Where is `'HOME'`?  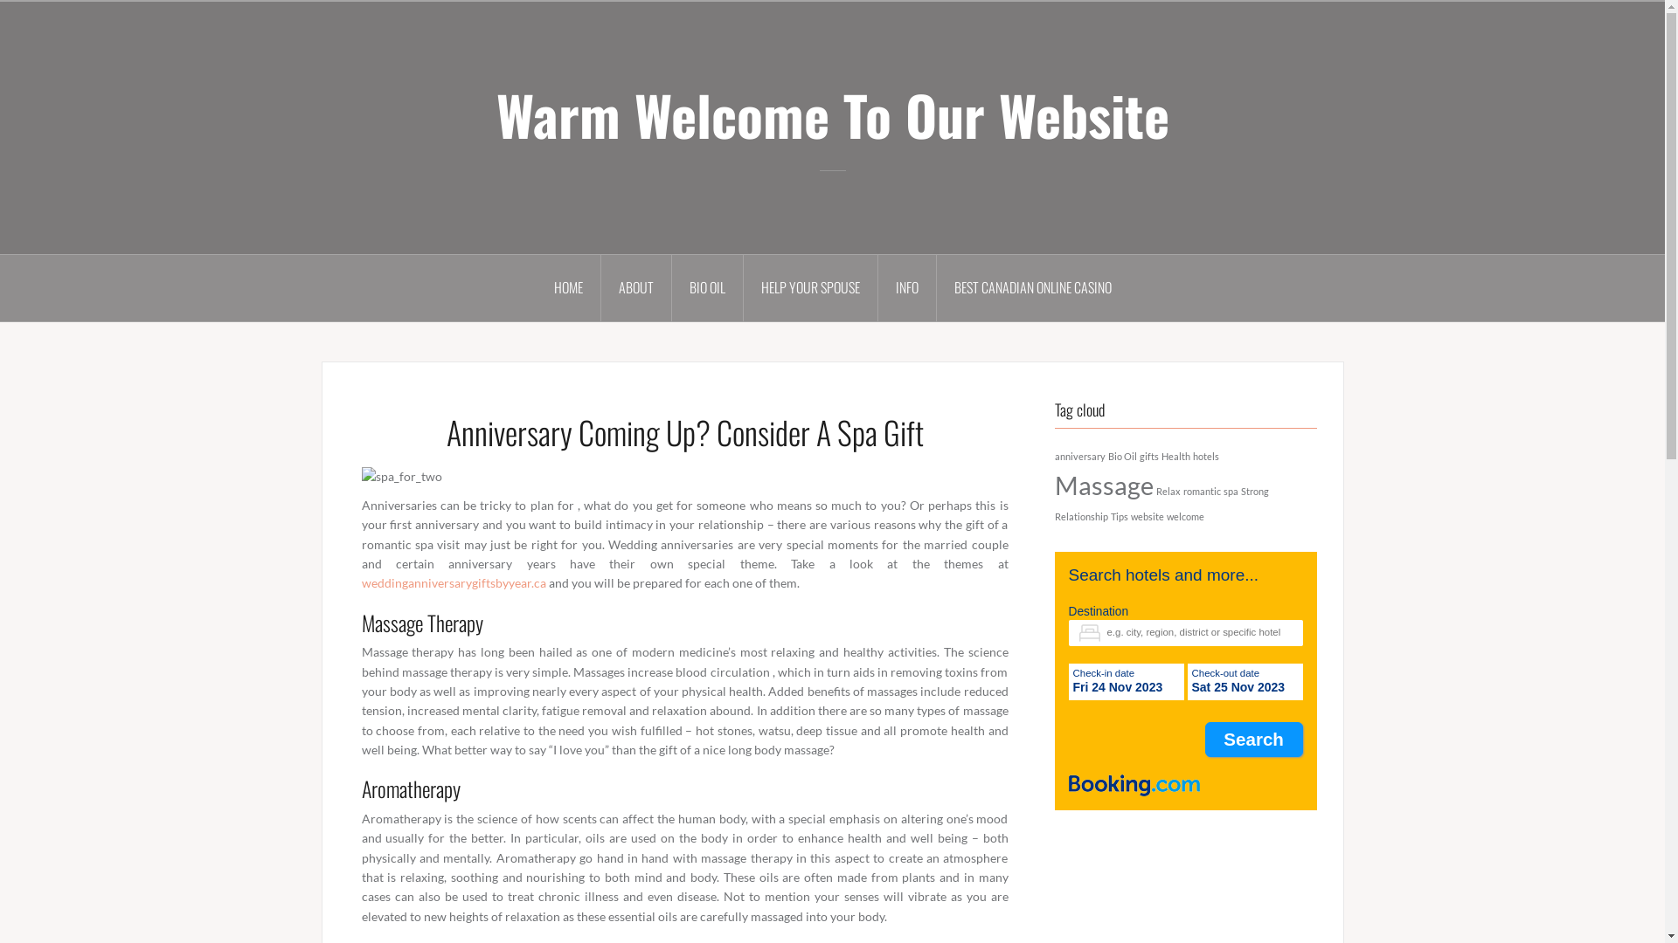 'HOME' is located at coordinates (569, 287).